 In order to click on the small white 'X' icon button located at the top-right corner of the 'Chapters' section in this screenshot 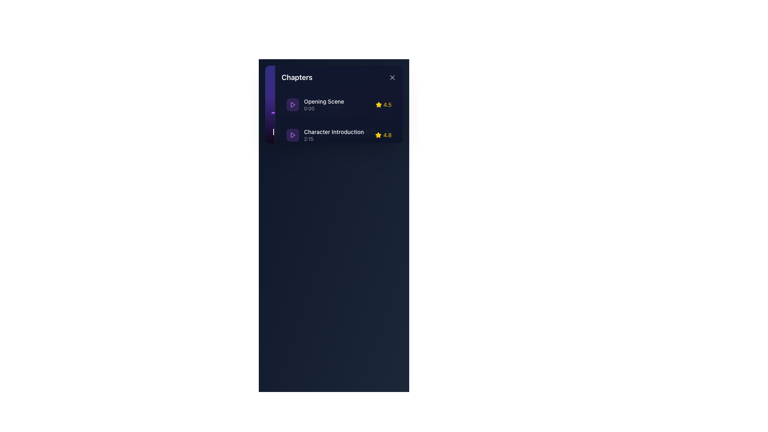, I will do `click(392, 77)`.